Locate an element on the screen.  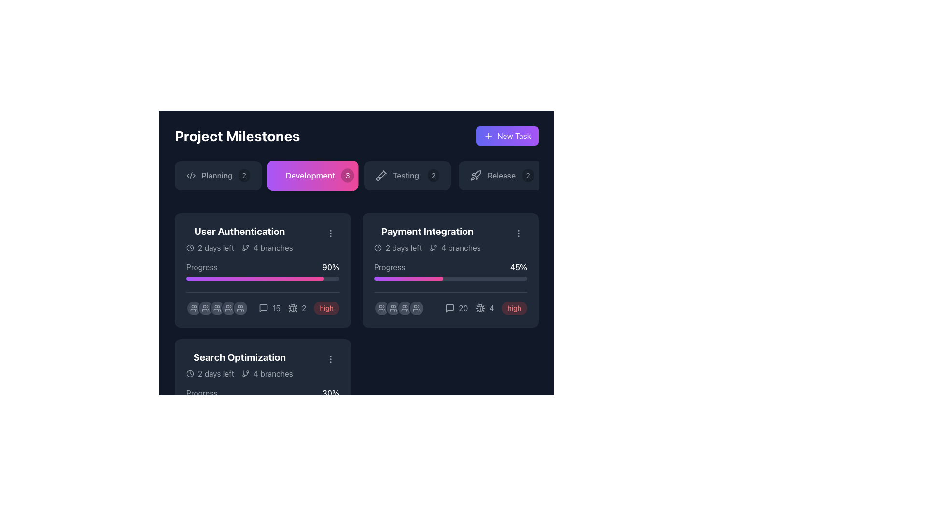
the leftmost 30% segment of the progress bar indicating 30% completion of the 'Search Optimization' task is located at coordinates (209, 405).